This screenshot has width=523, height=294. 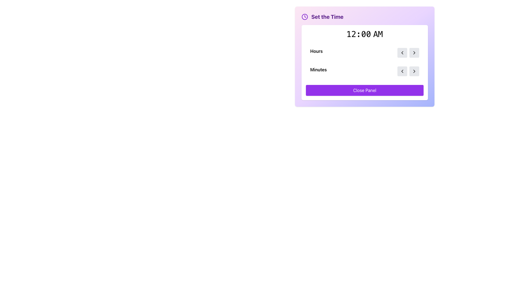 What do you see at coordinates (402, 53) in the screenshot?
I see `the SVG arrow icon component located in the 'Minutes' control section to decrement the minute value in the time-setting interface` at bounding box center [402, 53].